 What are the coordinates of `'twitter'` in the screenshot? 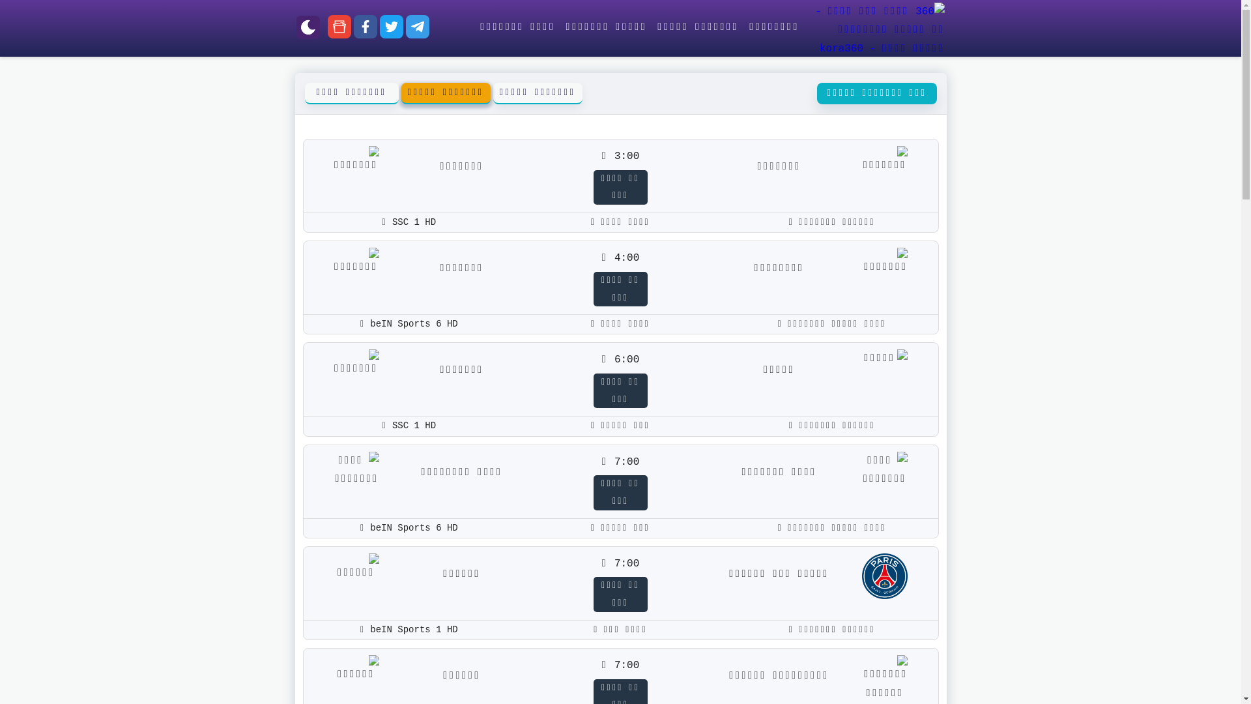 It's located at (390, 29).